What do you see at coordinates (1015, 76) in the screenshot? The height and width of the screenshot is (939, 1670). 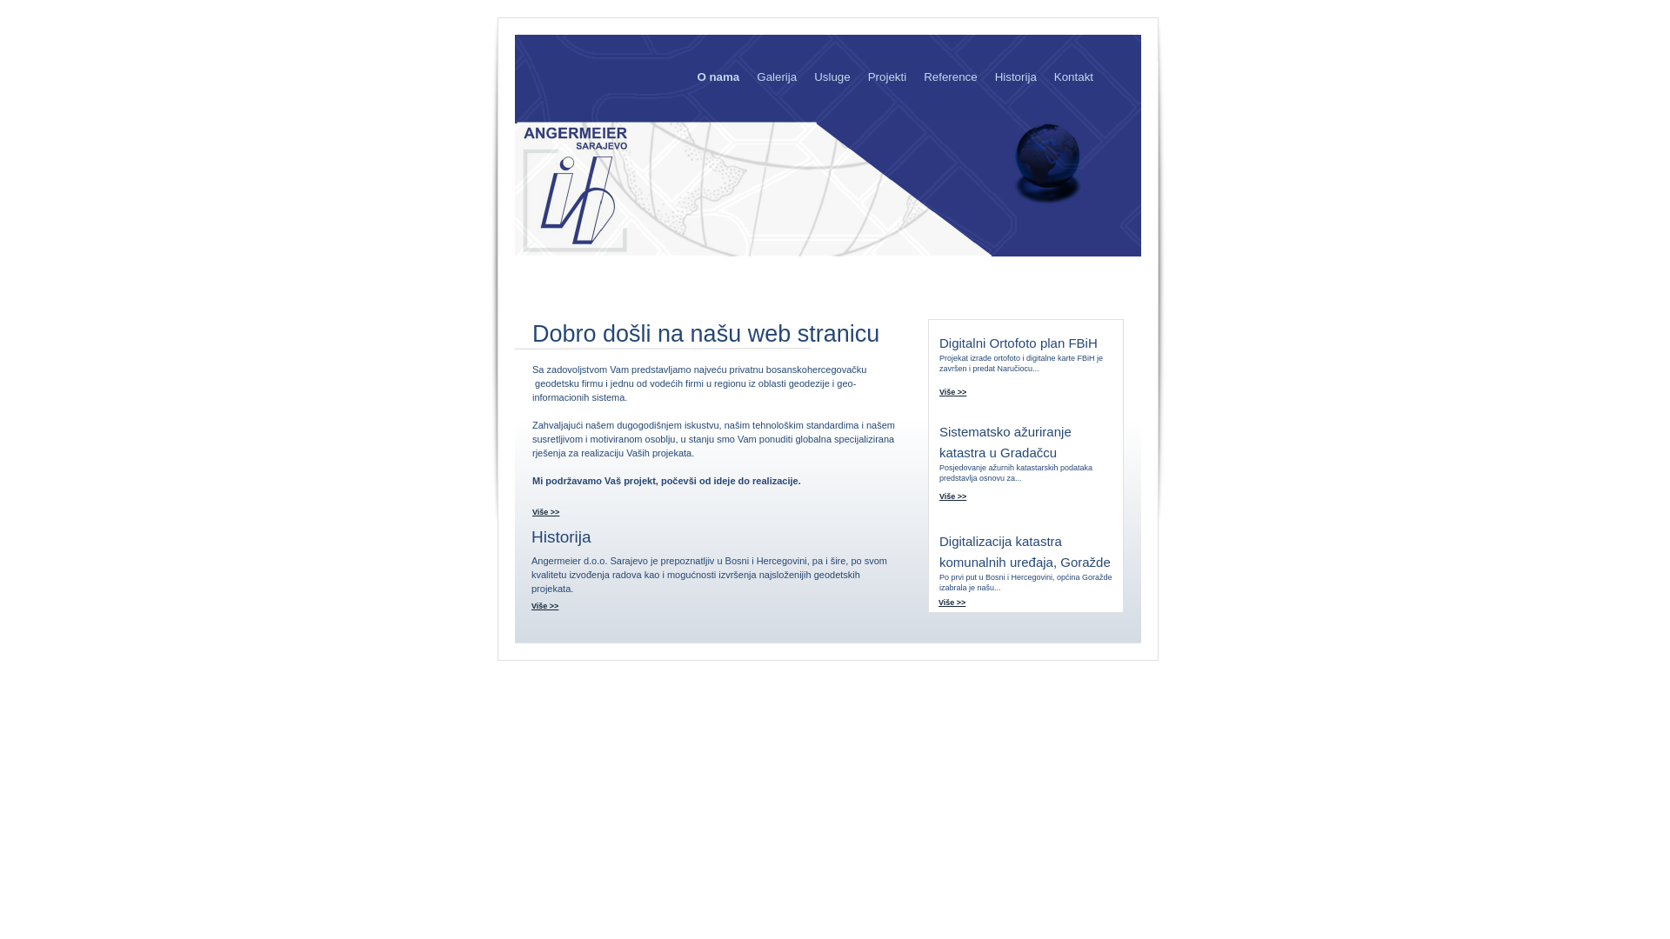 I see `'Historija'` at bounding box center [1015, 76].